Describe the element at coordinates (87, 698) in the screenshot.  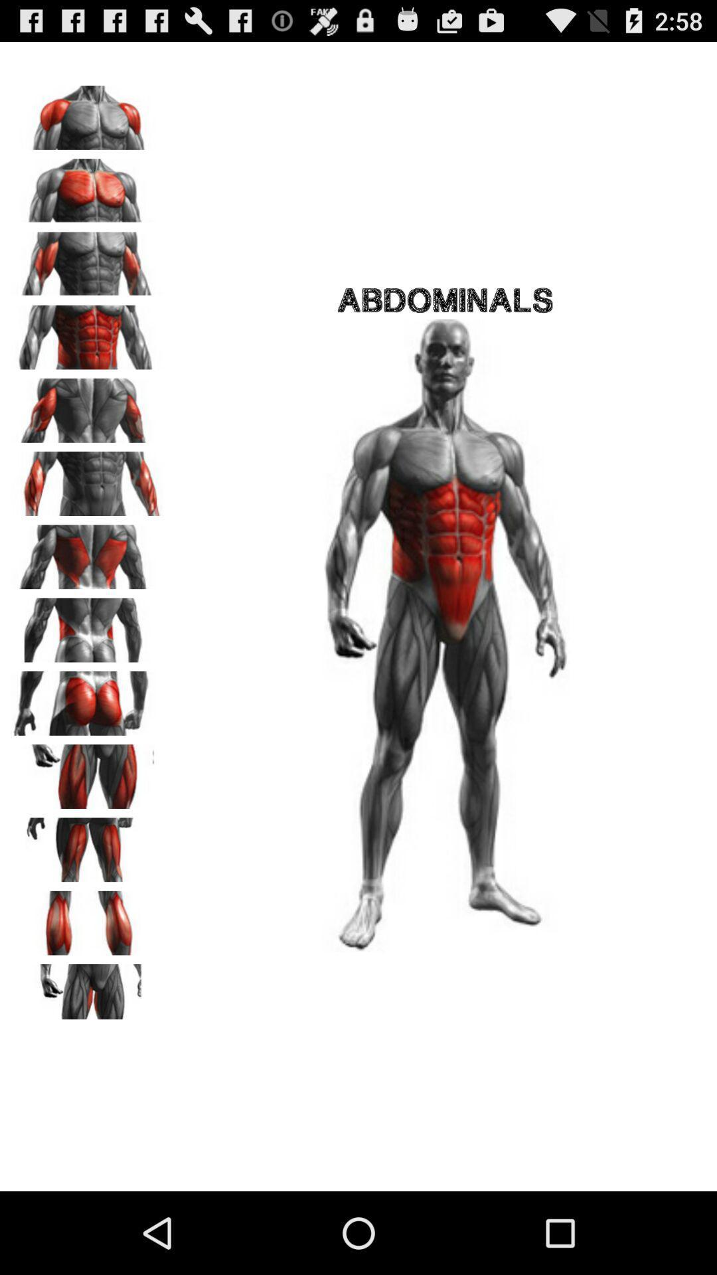
I see `posterior view` at that location.